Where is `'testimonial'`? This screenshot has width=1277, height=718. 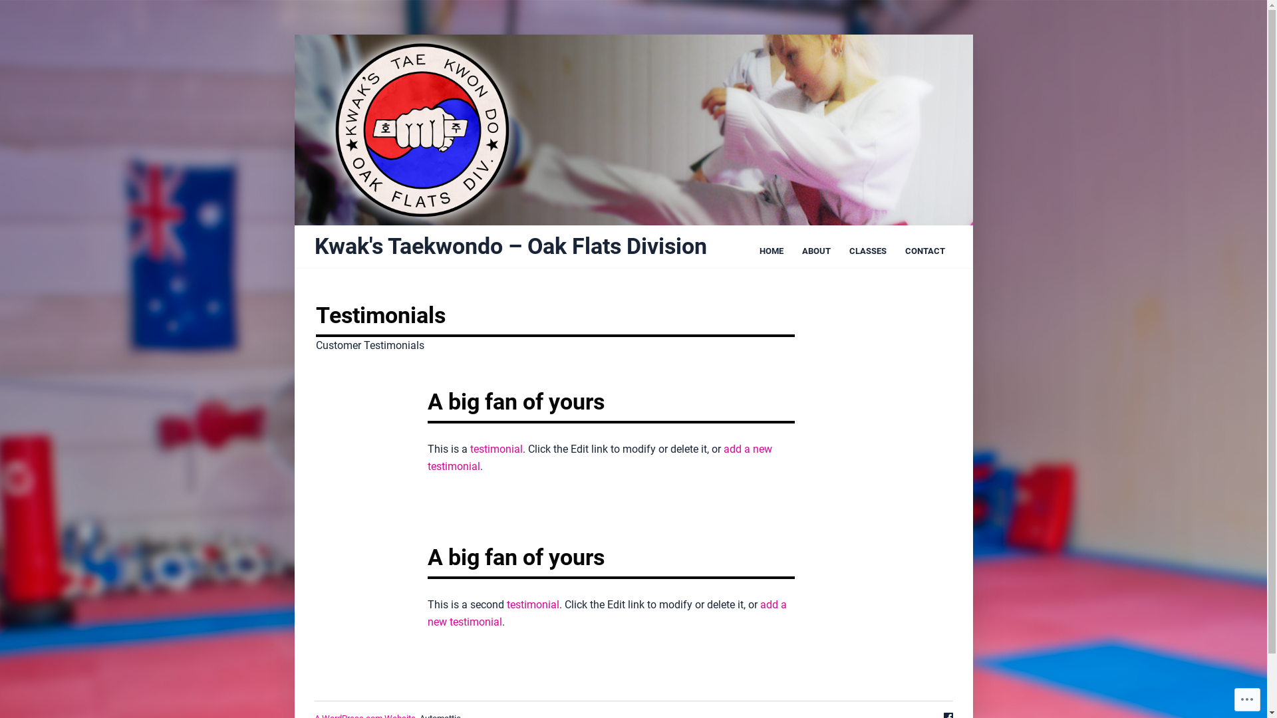 'testimonial' is located at coordinates (470, 449).